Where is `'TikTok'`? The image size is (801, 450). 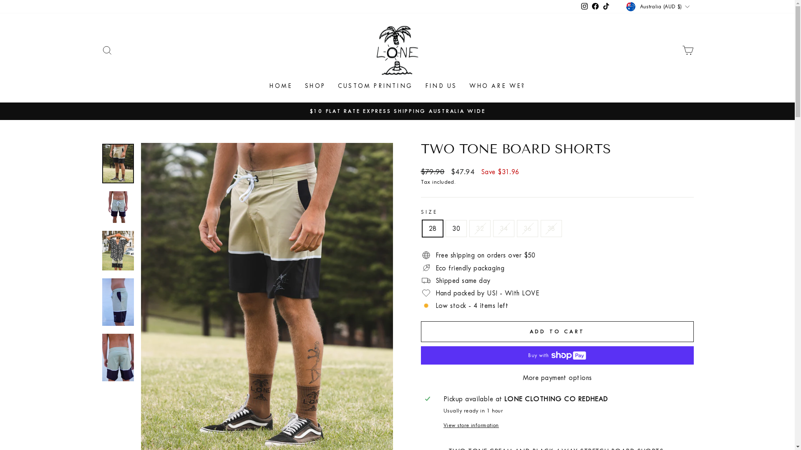
'TikTok' is located at coordinates (606, 6).